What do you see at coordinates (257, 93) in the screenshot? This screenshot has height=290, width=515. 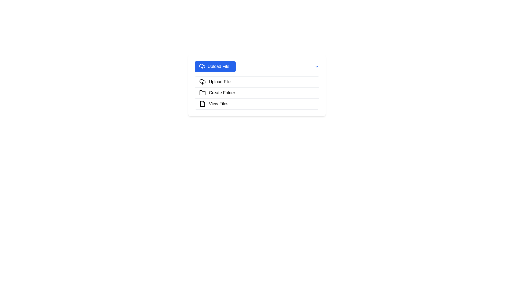 I see `the 'Create New Folder' button located as the second option in the vertical list under the dropdown menu` at bounding box center [257, 93].